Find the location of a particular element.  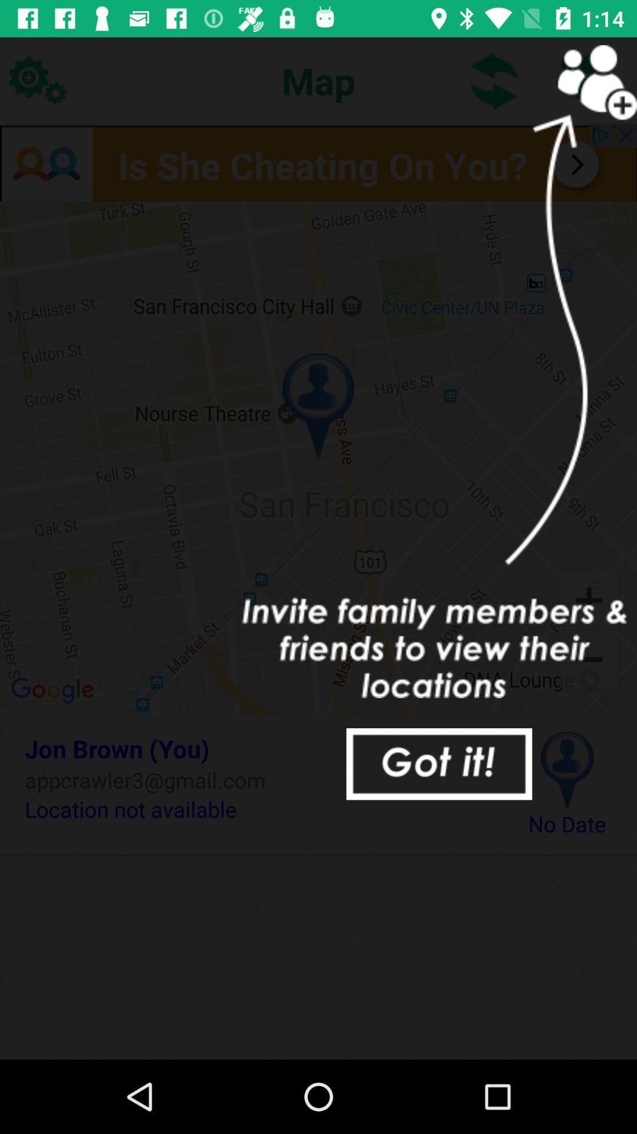

switch option is located at coordinates (494, 80).